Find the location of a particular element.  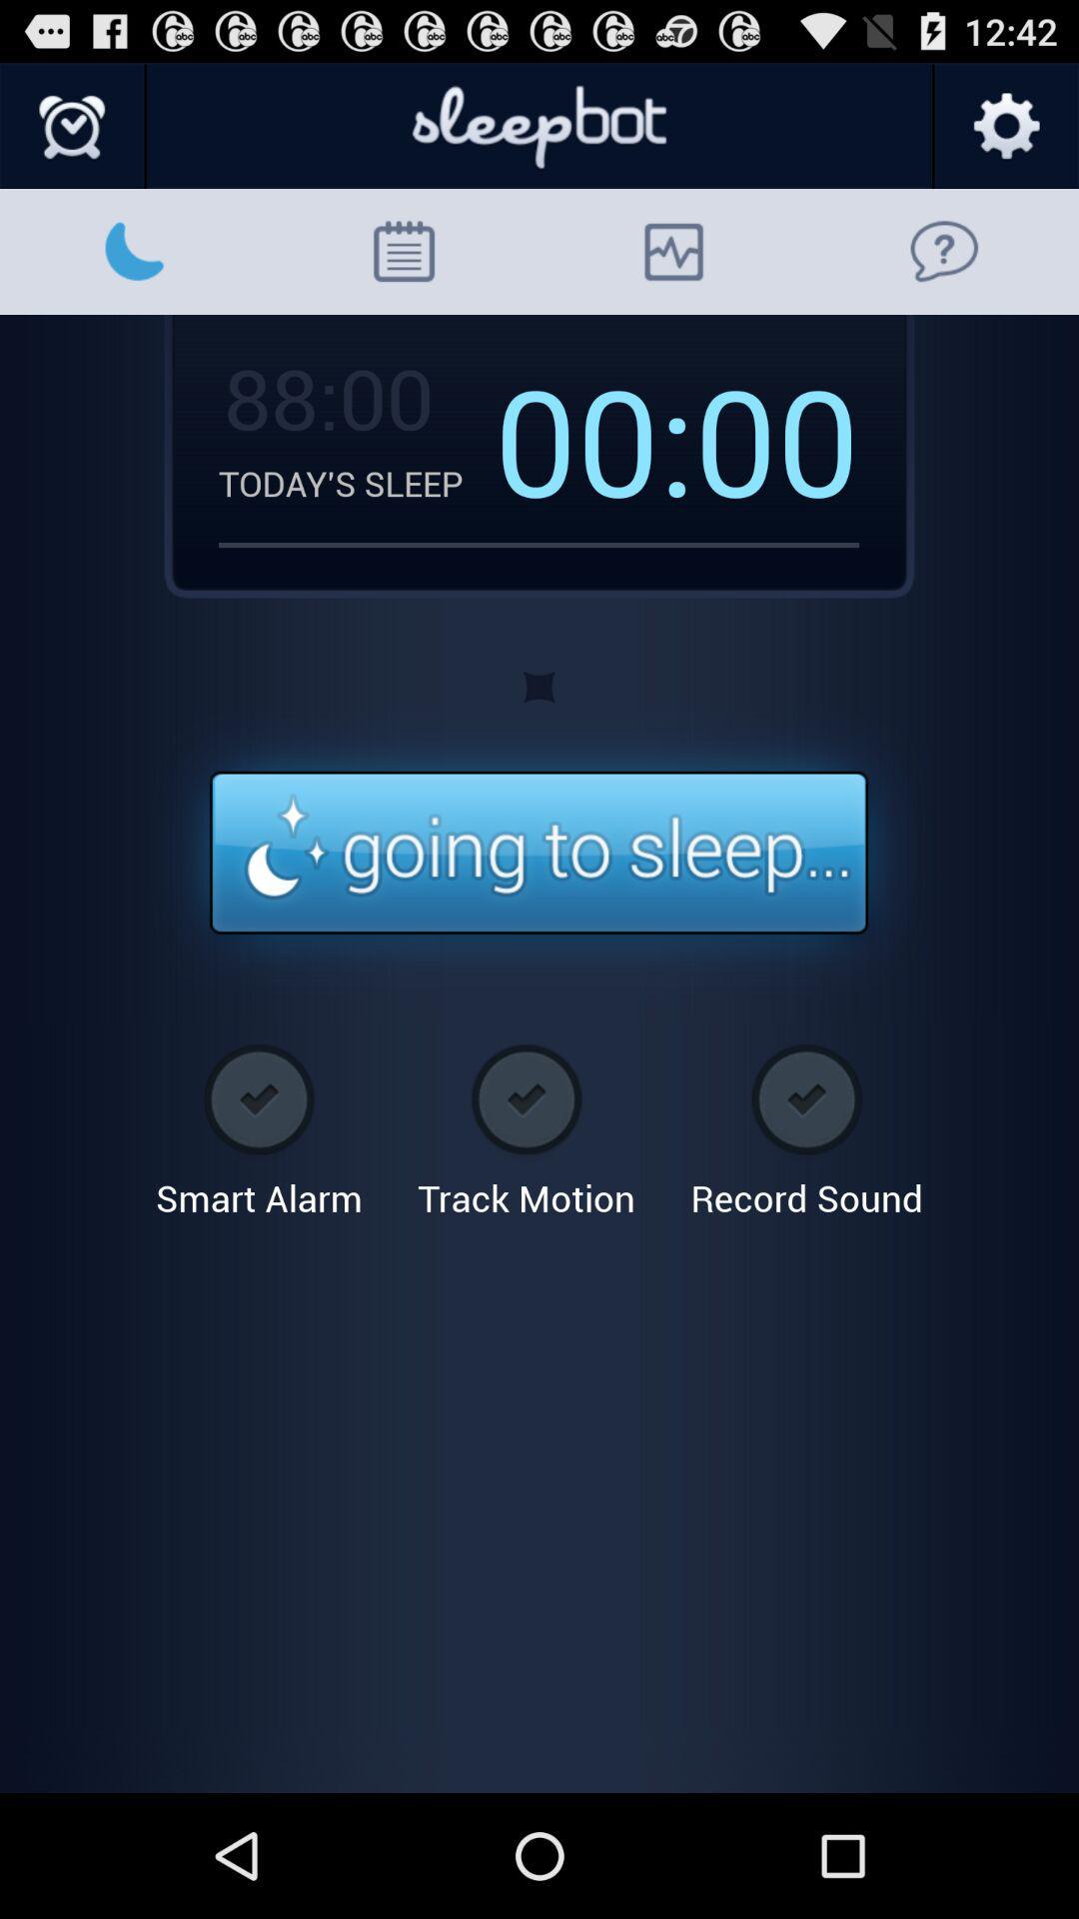

the 00: item is located at coordinates (593, 438).